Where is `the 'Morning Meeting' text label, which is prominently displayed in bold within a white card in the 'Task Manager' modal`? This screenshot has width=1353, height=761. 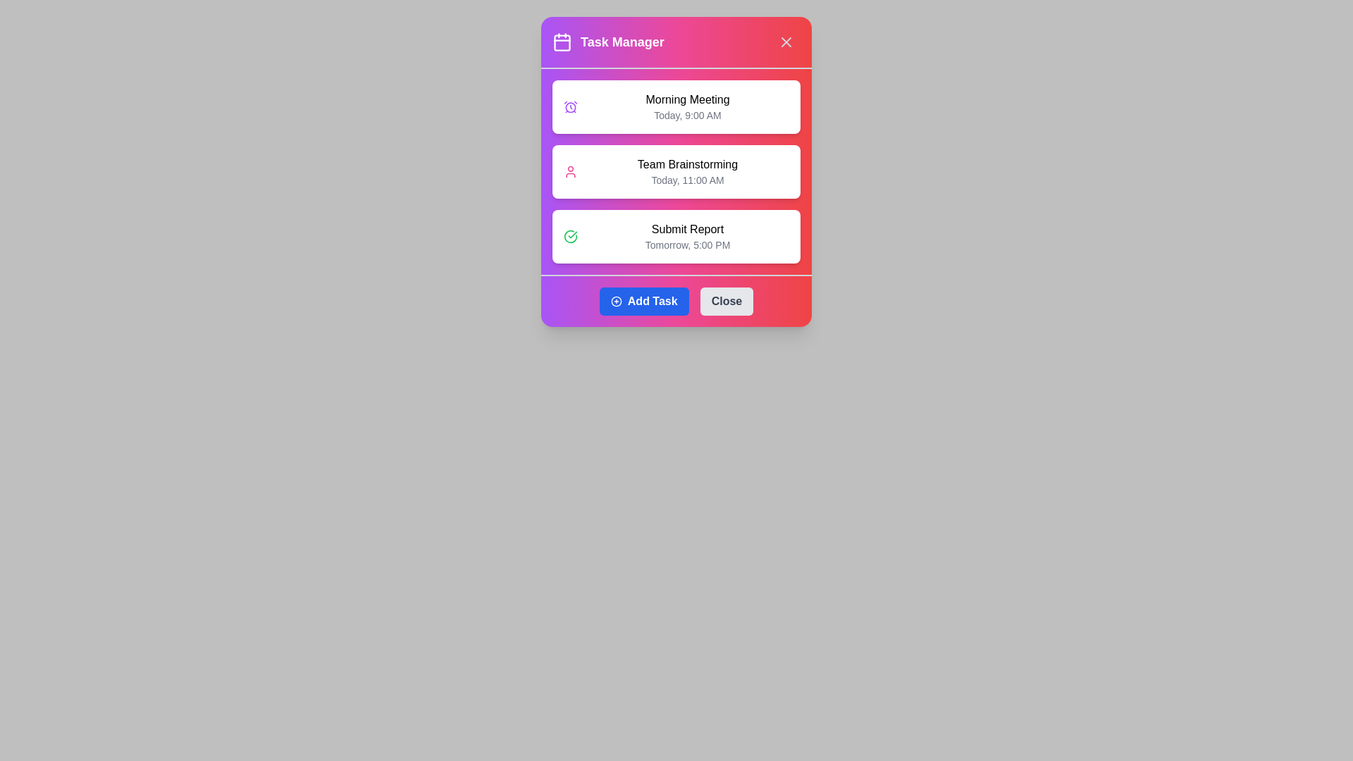
the 'Morning Meeting' text label, which is prominently displayed in bold within a white card in the 'Task Manager' modal is located at coordinates (687, 99).